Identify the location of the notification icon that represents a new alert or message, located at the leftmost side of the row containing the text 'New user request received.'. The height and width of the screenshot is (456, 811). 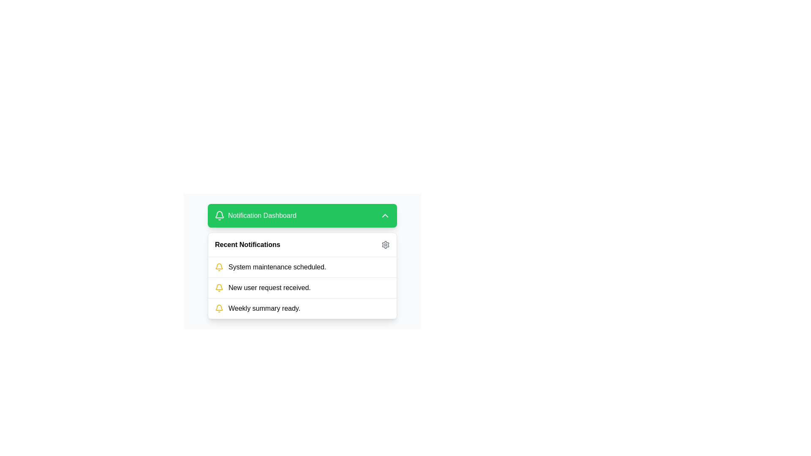
(219, 288).